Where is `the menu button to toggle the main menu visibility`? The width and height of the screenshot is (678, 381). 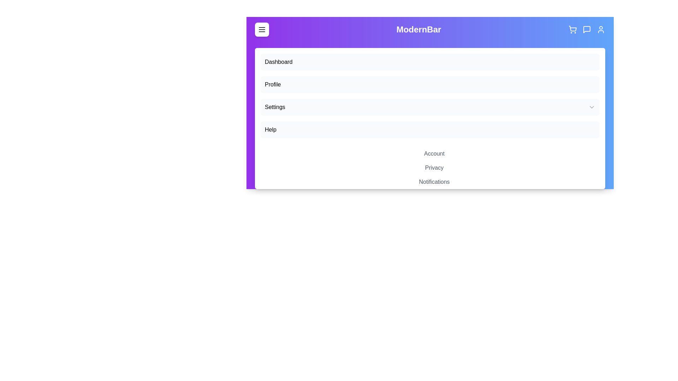
the menu button to toggle the main menu visibility is located at coordinates (262, 29).